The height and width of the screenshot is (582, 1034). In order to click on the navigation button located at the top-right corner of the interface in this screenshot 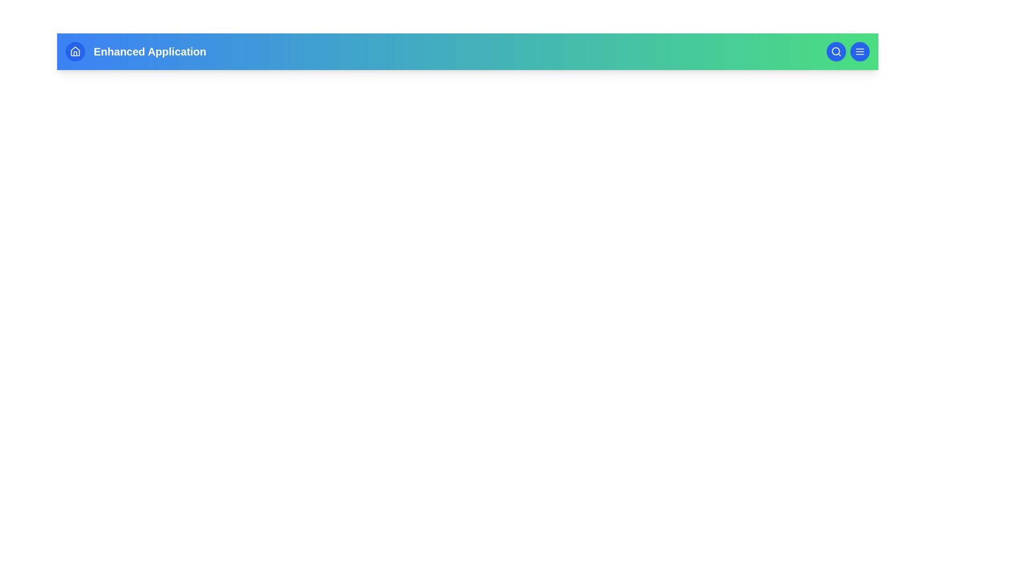, I will do `click(860, 52)`.